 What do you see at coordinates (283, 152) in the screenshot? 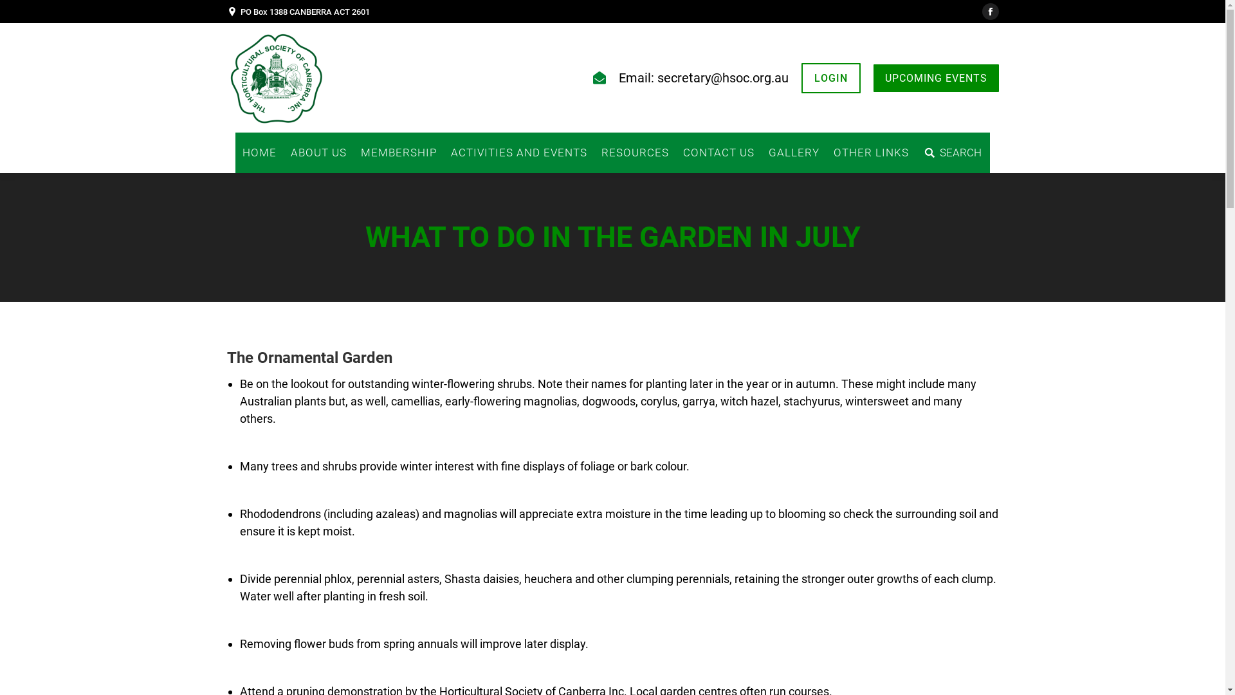
I see `'ABOUT US'` at bounding box center [283, 152].